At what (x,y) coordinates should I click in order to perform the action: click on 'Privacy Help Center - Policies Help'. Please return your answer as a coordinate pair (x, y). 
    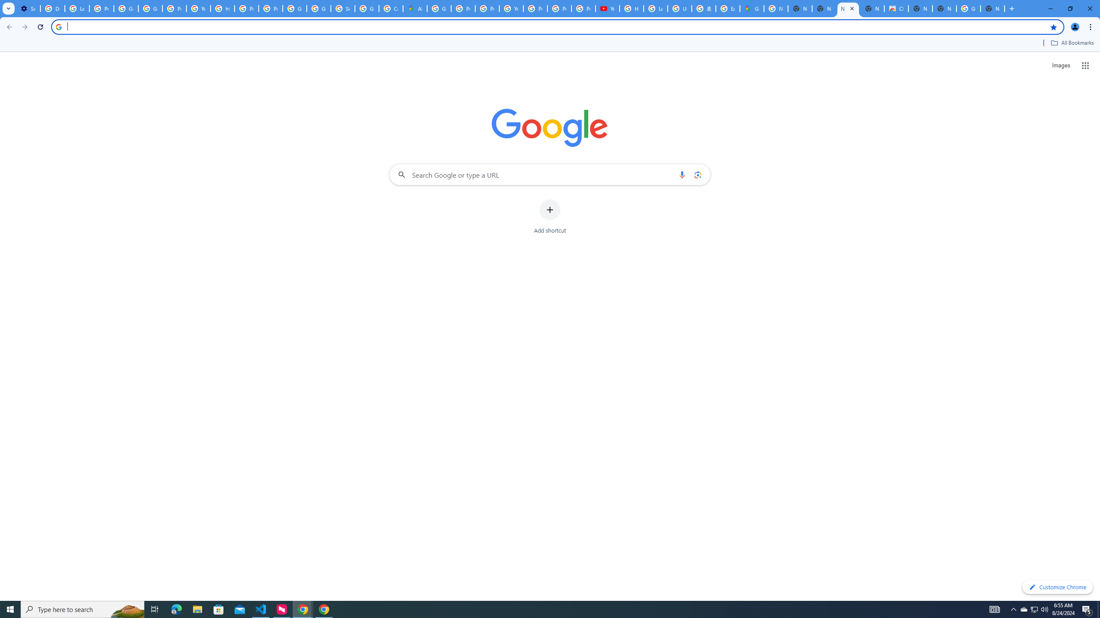
    Looking at the image, I should click on (487, 8).